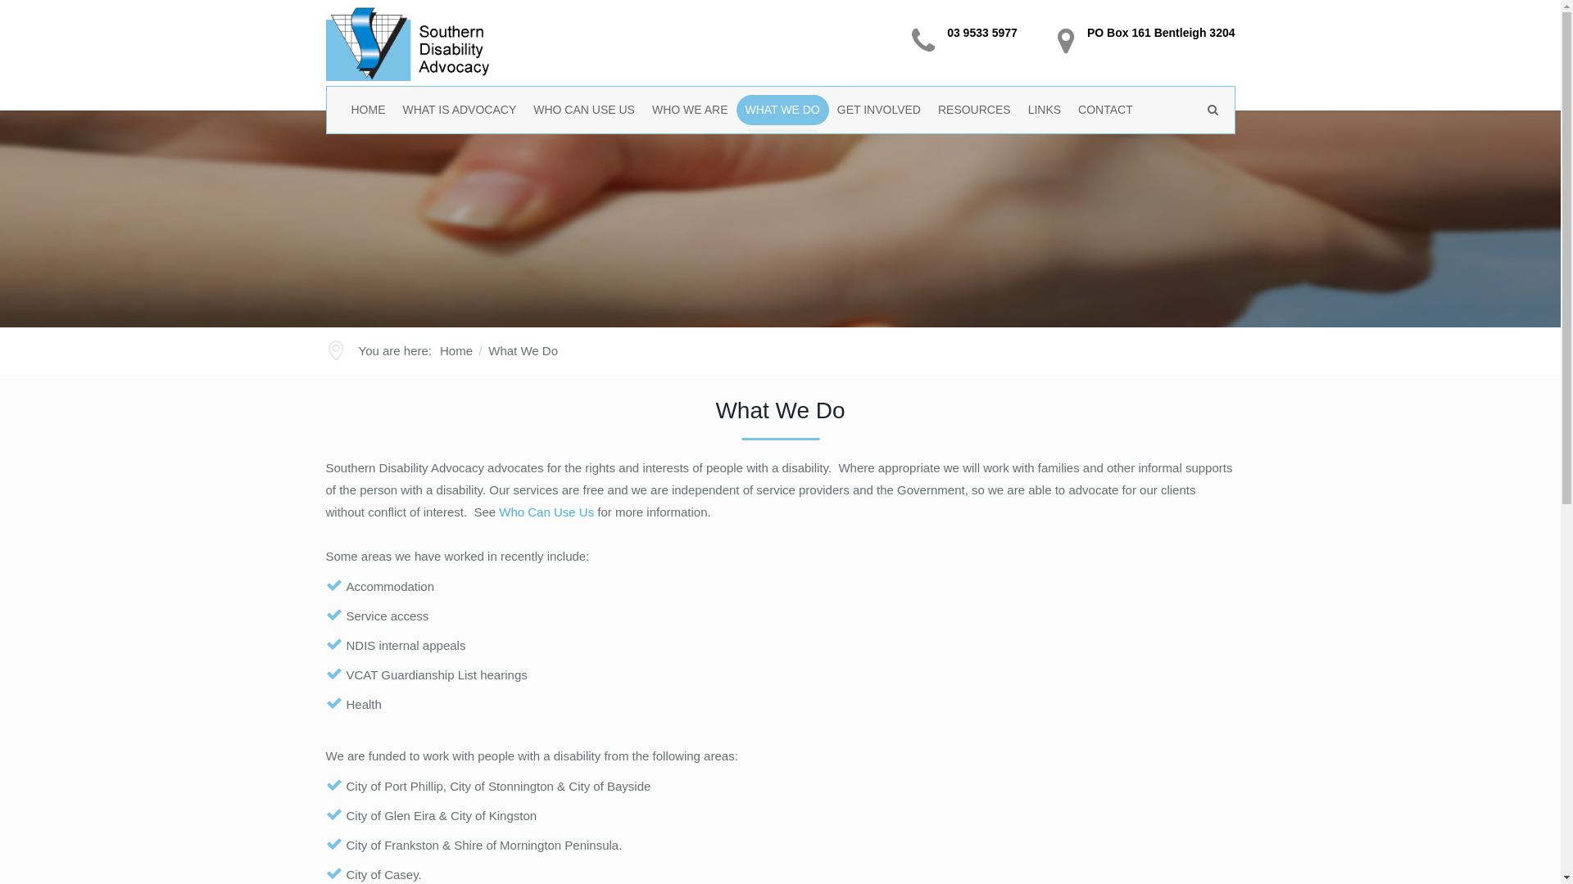  Describe the element at coordinates (782, 110) in the screenshot. I see `'WHAT WE DO'` at that location.